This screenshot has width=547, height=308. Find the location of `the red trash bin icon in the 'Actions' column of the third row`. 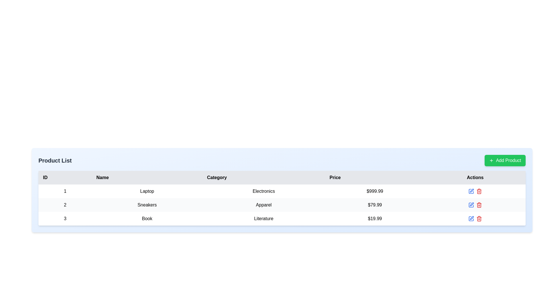

the red trash bin icon in the 'Actions' column of the third row is located at coordinates (479, 218).